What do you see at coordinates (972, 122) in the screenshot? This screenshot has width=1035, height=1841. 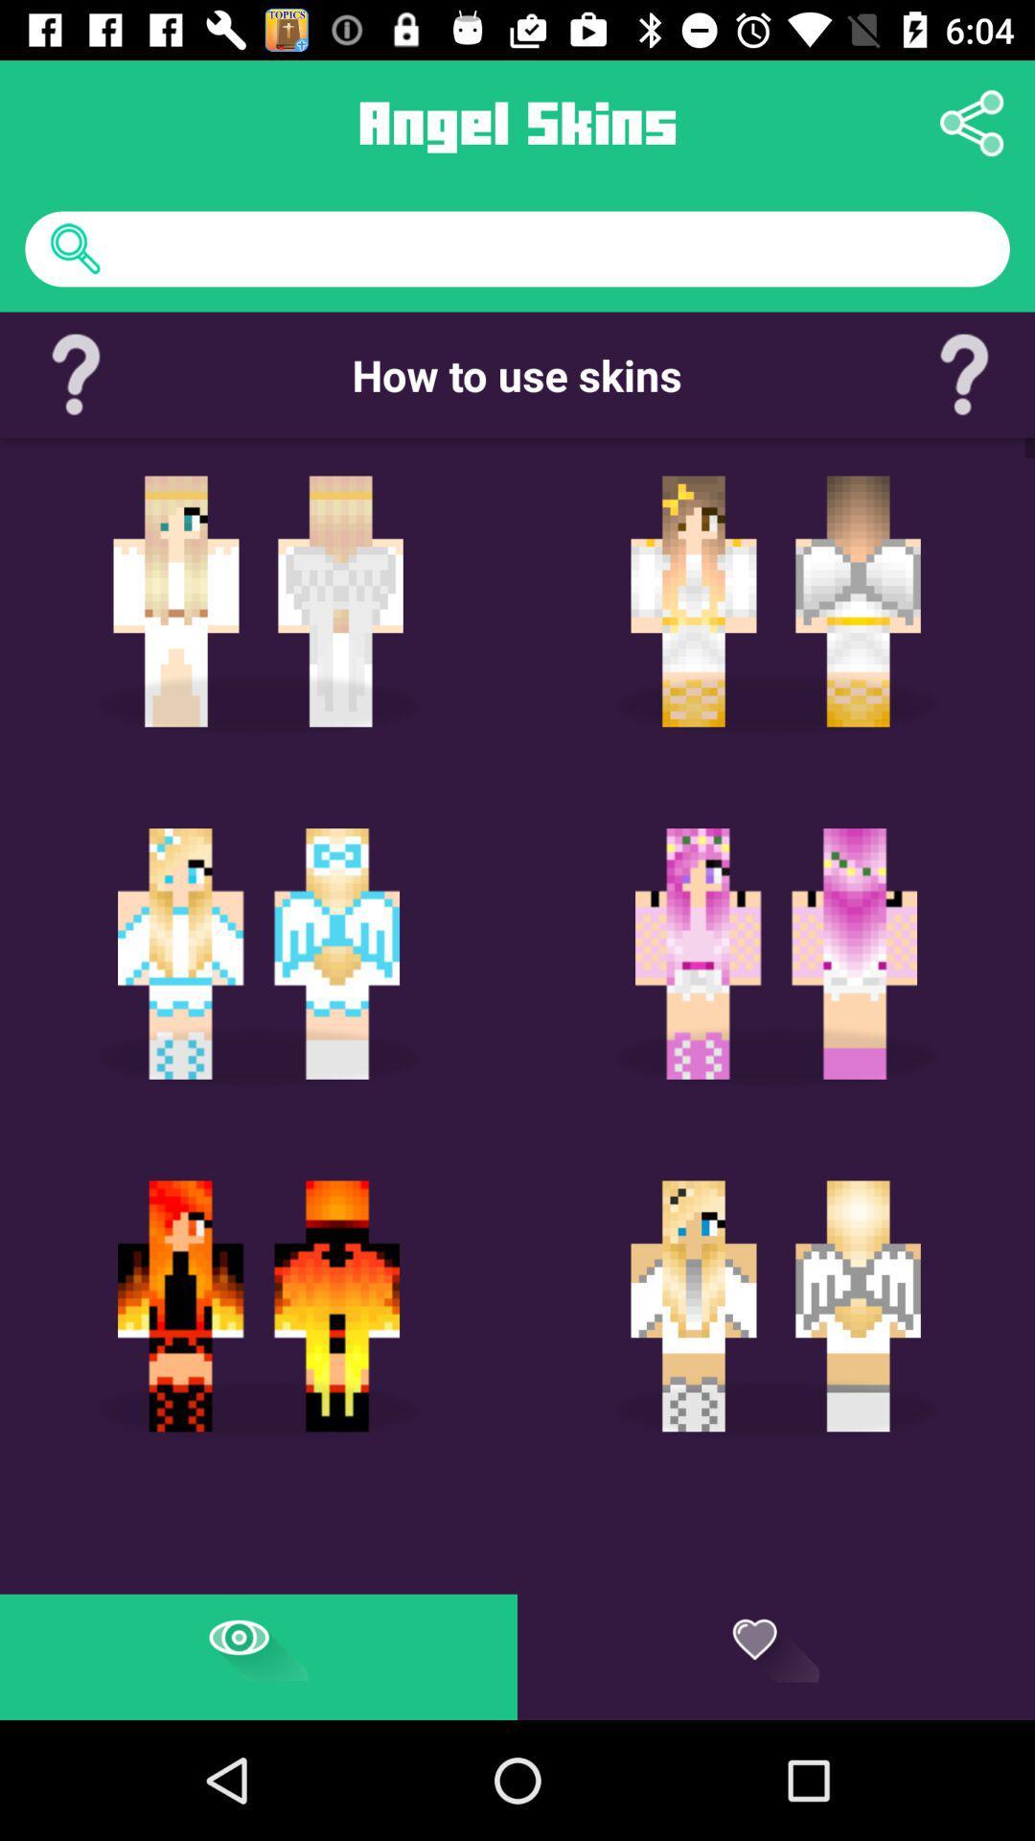 I see `the share icon` at bounding box center [972, 122].